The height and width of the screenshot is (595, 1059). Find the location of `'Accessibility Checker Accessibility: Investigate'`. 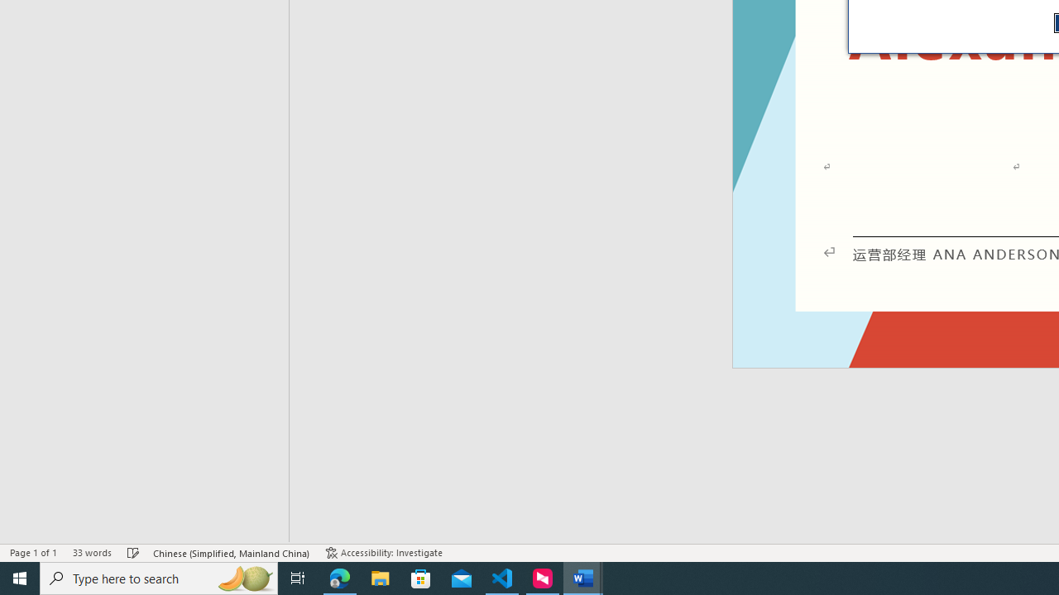

'Accessibility Checker Accessibility: Investigate' is located at coordinates (383, 553).